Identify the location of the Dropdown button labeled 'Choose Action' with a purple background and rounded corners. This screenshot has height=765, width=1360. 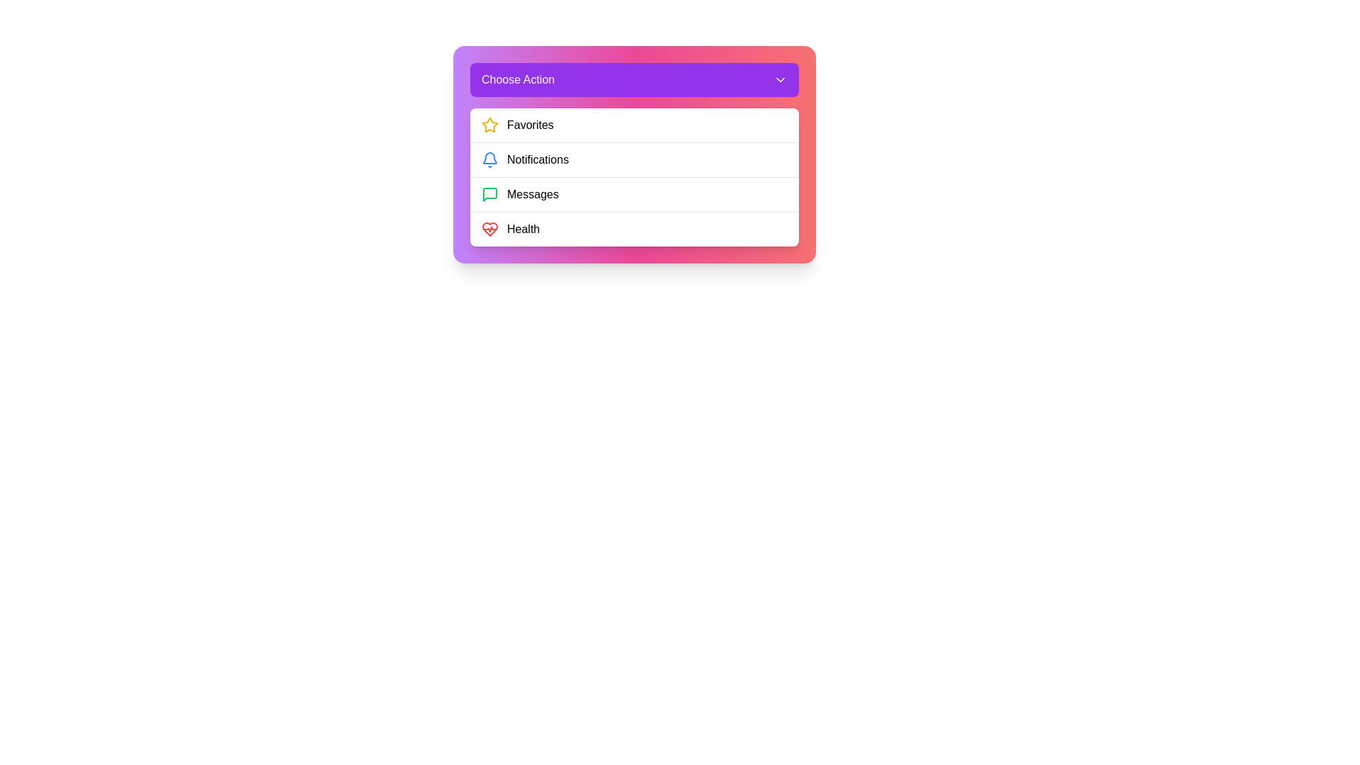
(634, 79).